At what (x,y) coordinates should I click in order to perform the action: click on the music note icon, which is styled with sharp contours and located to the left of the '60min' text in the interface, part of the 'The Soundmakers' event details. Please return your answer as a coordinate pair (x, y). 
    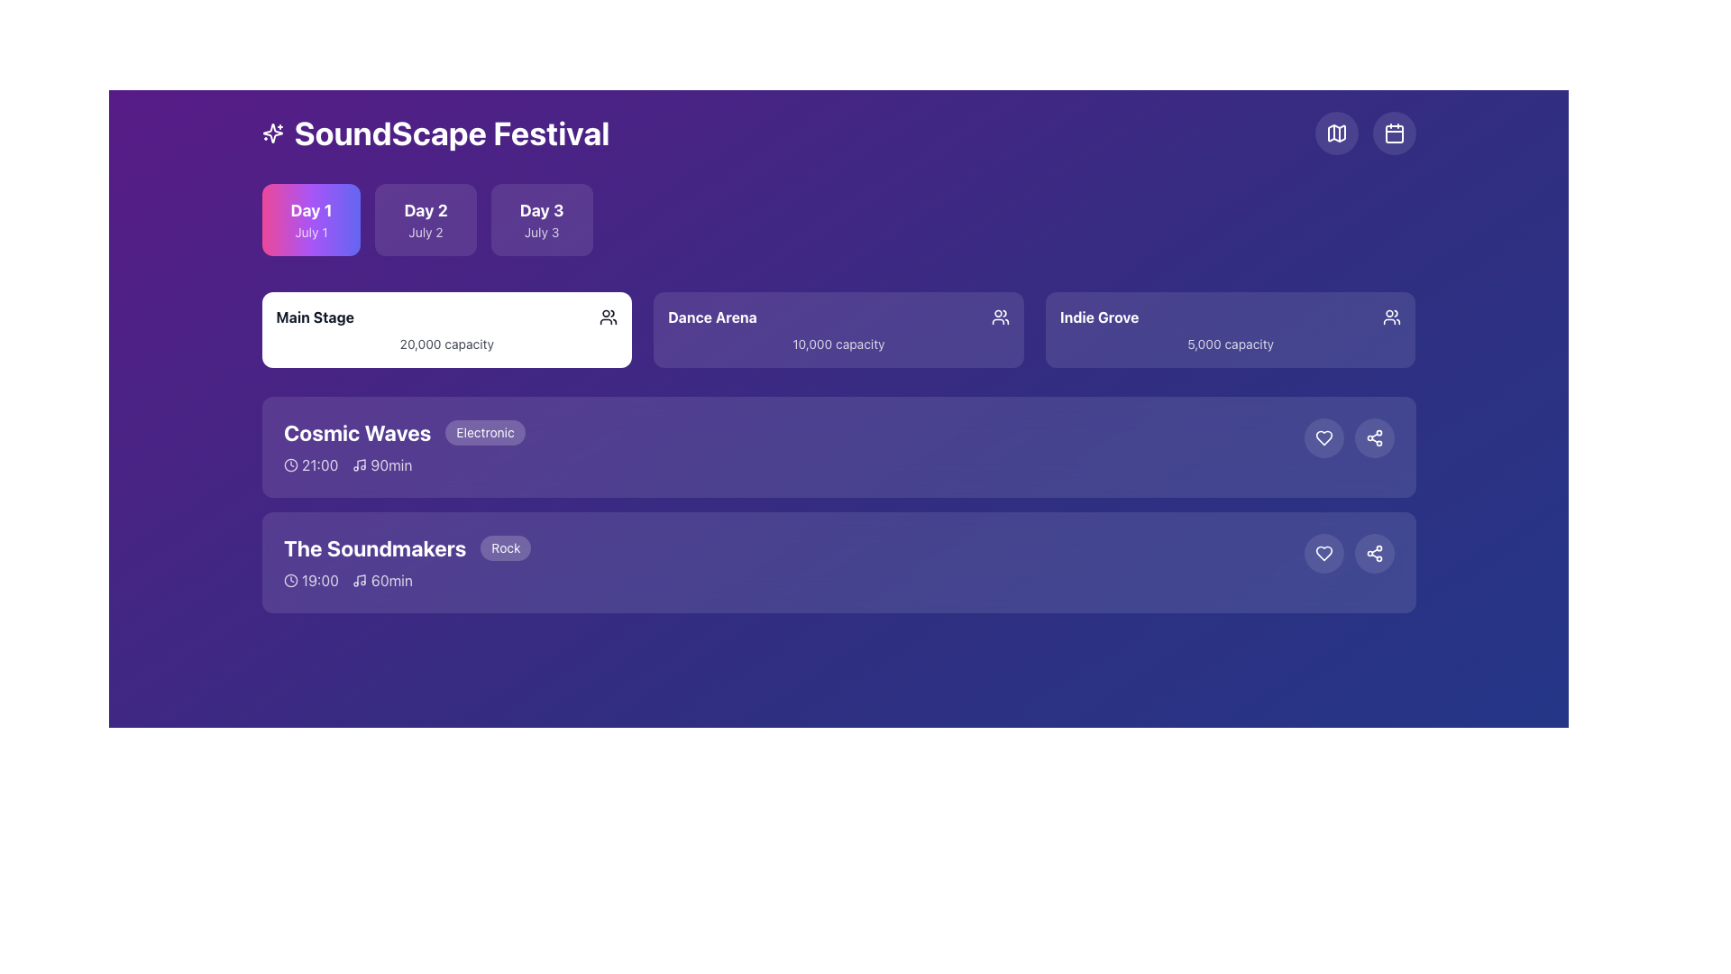
    Looking at the image, I should click on (360, 581).